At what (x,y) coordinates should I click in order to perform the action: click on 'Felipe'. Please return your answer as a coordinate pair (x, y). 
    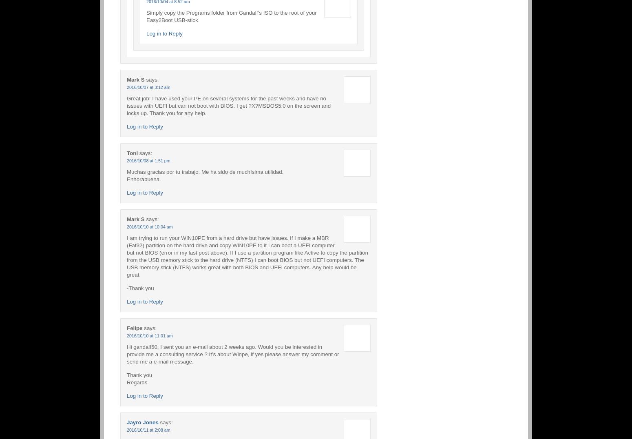
    Looking at the image, I should click on (134, 328).